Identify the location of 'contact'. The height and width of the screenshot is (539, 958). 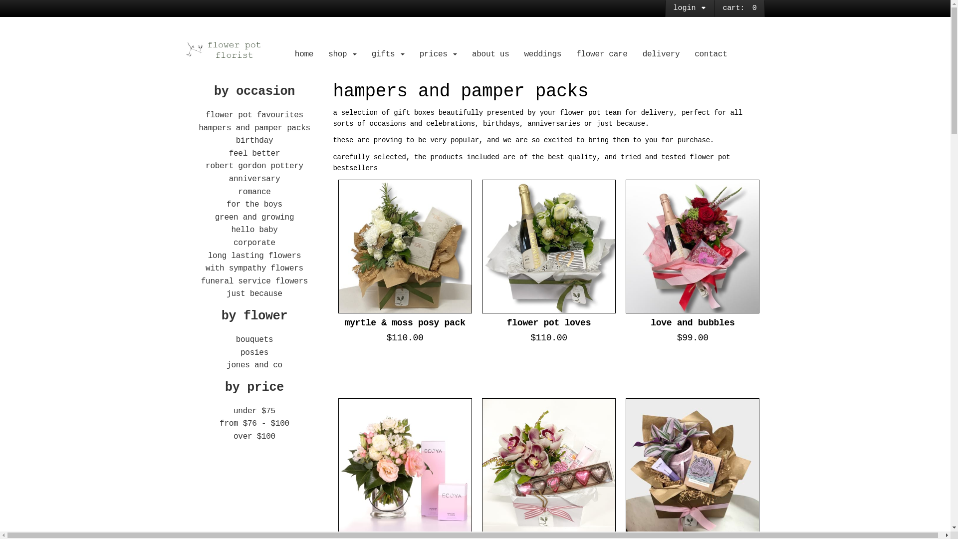
(710, 54).